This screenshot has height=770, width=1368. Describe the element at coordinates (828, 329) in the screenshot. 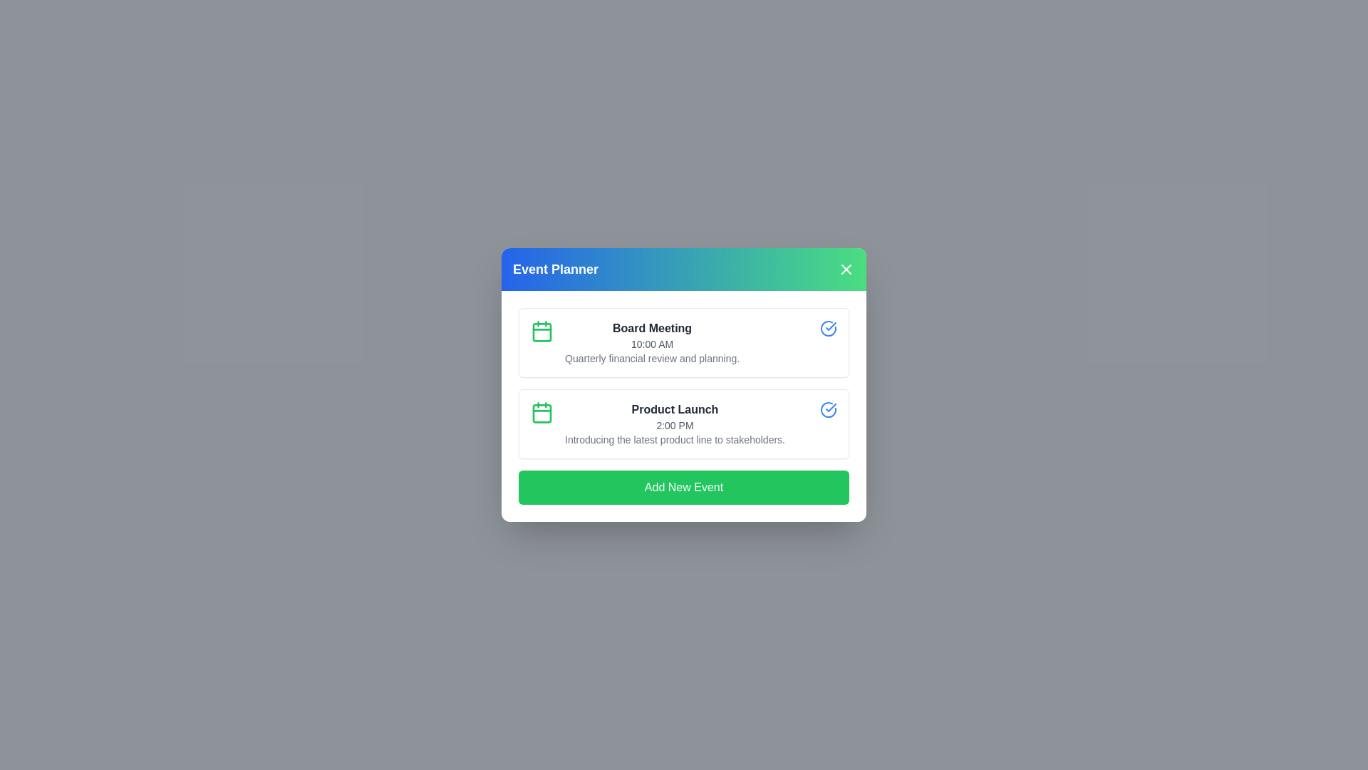

I see `the blue checkmark icon inside the circular icon located on the right side of the 'Product Launch' event entry` at that location.